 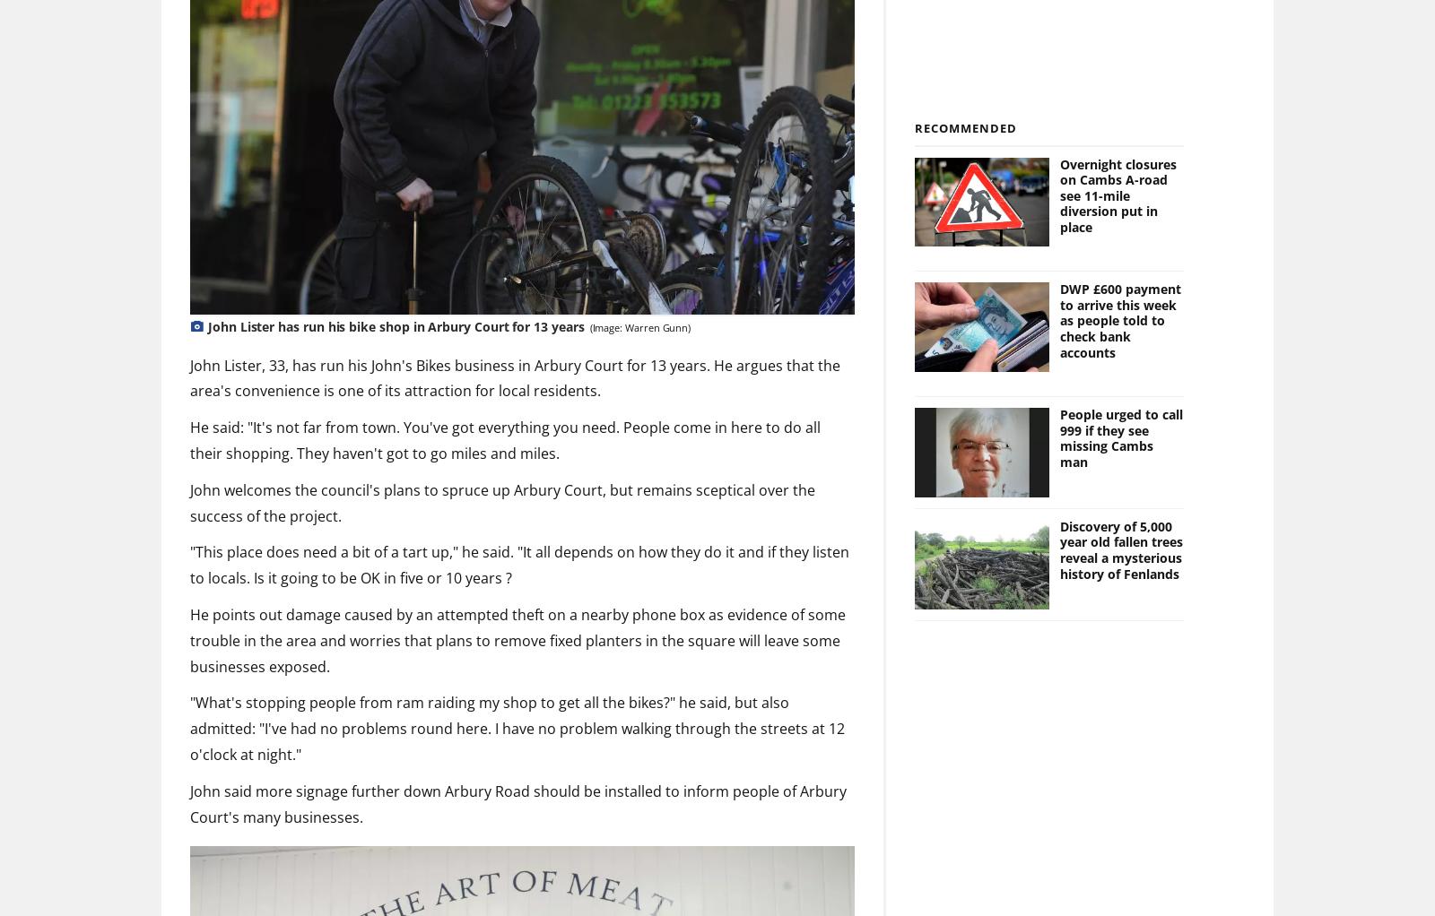 What do you see at coordinates (517, 802) in the screenshot?
I see `'John said more signage further down Arbury Road should be installed to inform people of Arbury Court's many businesses.'` at bounding box center [517, 802].